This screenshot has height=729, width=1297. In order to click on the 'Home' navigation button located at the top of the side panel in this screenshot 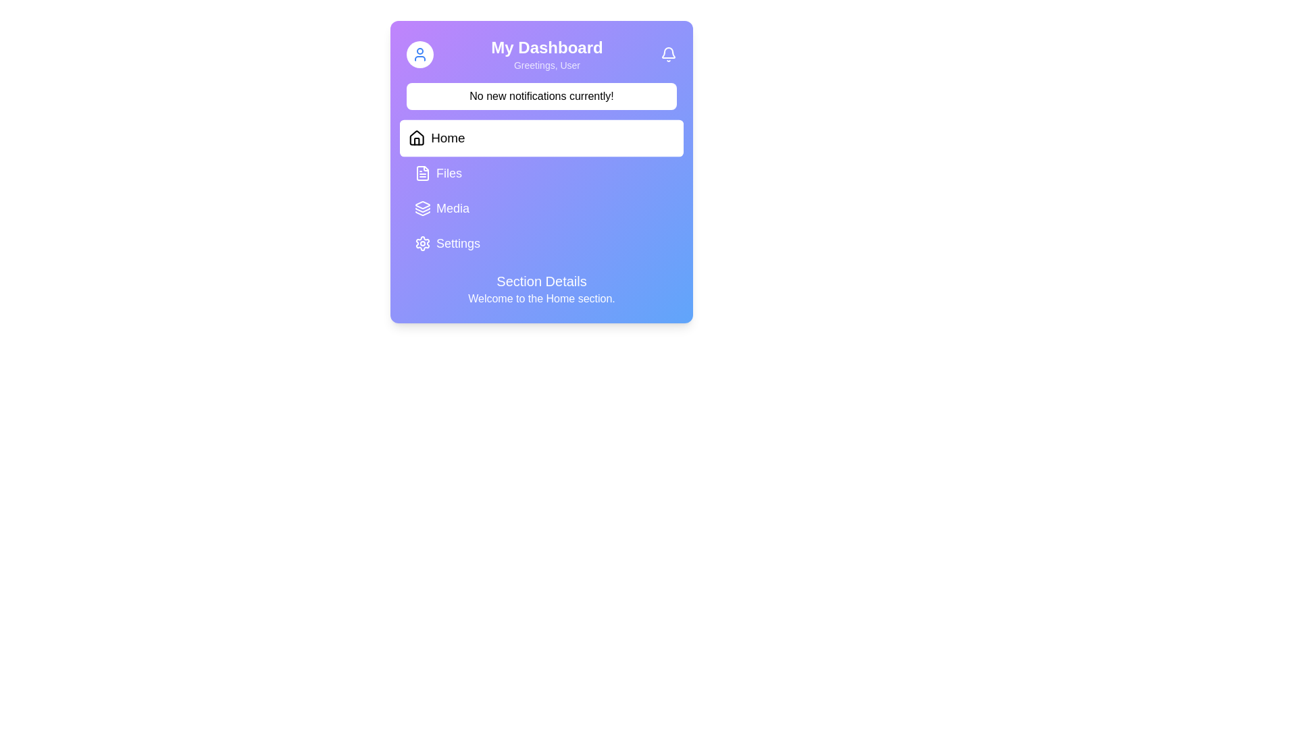, I will do `click(541, 138)`.